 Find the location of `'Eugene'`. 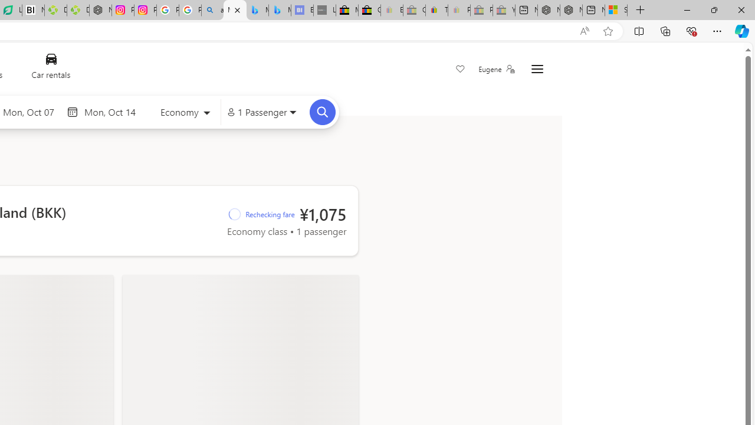

'Eugene' is located at coordinates (496, 69).